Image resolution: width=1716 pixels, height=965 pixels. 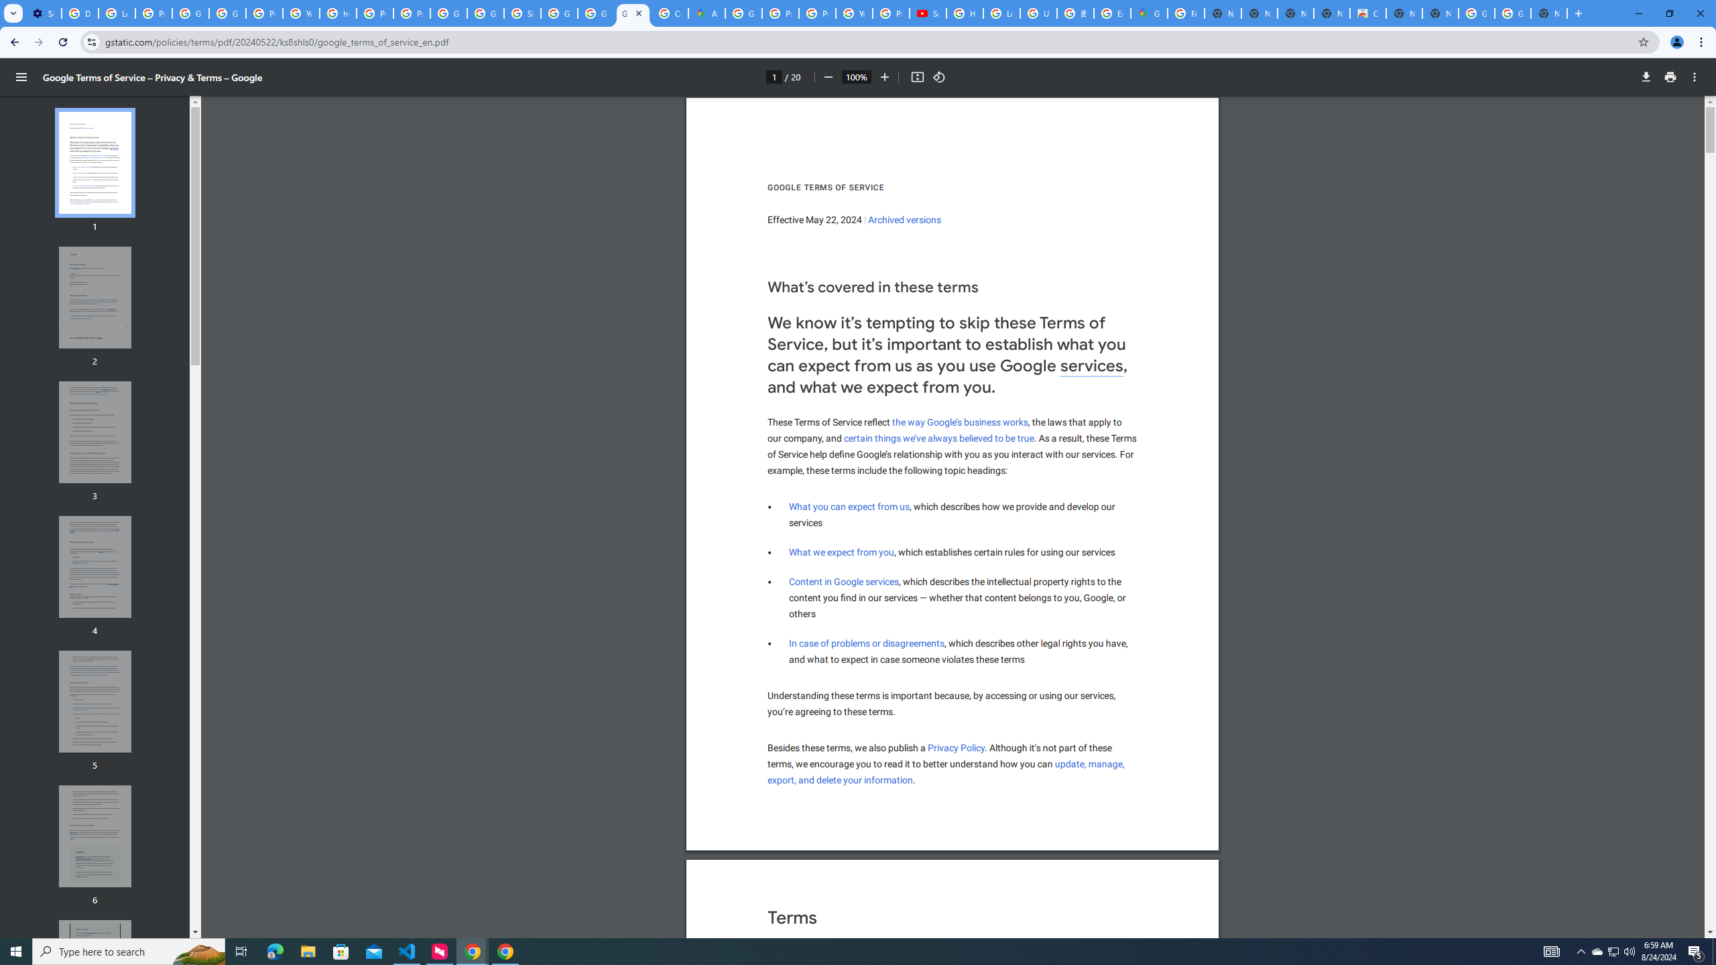 I want to click on 'Google Maps', so click(x=1148, y=13).